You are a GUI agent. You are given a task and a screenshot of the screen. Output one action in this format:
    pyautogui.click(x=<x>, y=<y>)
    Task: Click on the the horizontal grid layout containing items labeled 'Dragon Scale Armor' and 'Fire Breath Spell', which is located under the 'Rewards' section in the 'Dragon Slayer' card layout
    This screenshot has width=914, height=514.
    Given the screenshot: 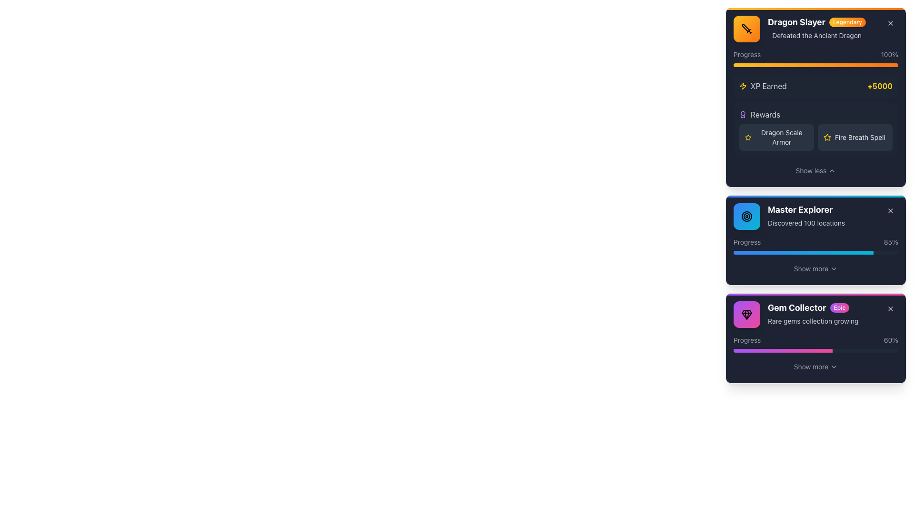 What is the action you would take?
    pyautogui.click(x=815, y=138)
    